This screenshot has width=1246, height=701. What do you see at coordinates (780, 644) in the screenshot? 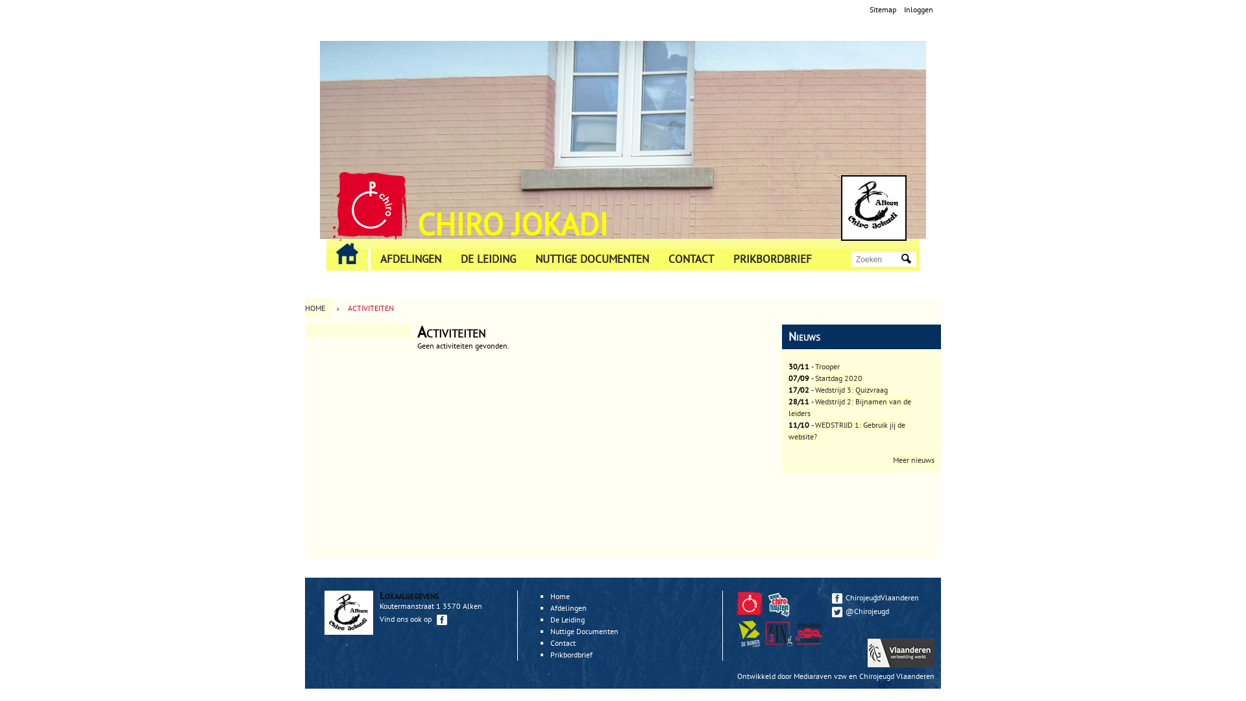
I see `'Zindering'` at bounding box center [780, 644].